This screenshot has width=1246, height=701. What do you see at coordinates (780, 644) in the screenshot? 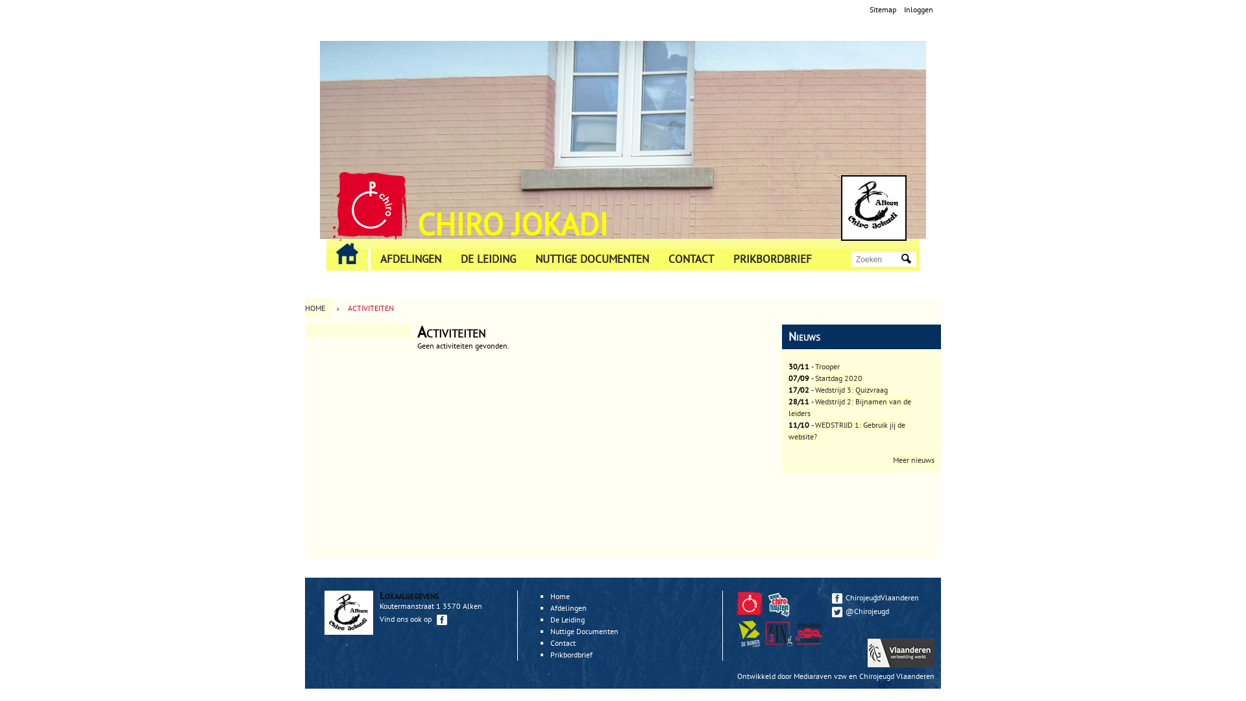
I see `'Zindering'` at bounding box center [780, 644].